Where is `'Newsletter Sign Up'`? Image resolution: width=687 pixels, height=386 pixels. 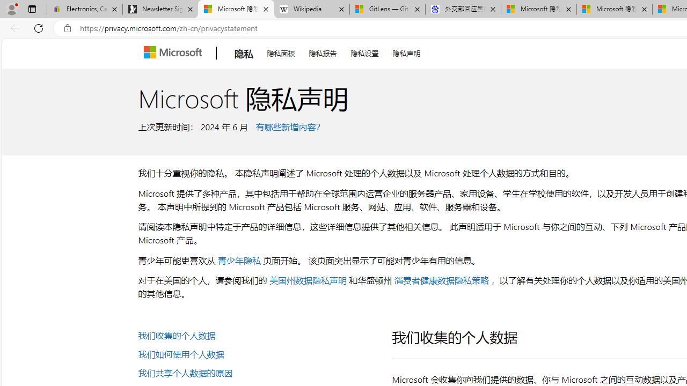
'Newsletter Sign Up' is located at coordinates (159, 9).